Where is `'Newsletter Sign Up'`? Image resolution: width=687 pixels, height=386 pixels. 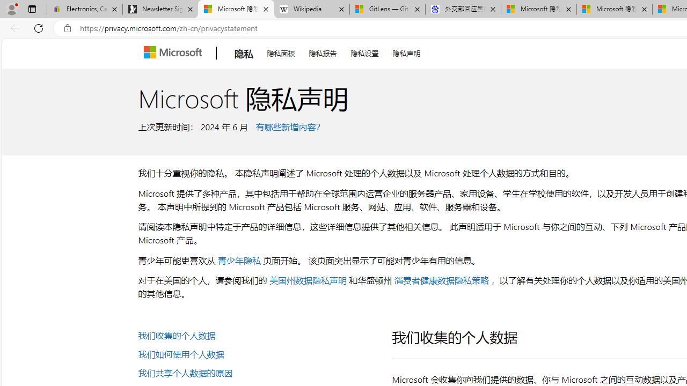
'Newsletter Sign Up' is located at coordinates (159, 9).